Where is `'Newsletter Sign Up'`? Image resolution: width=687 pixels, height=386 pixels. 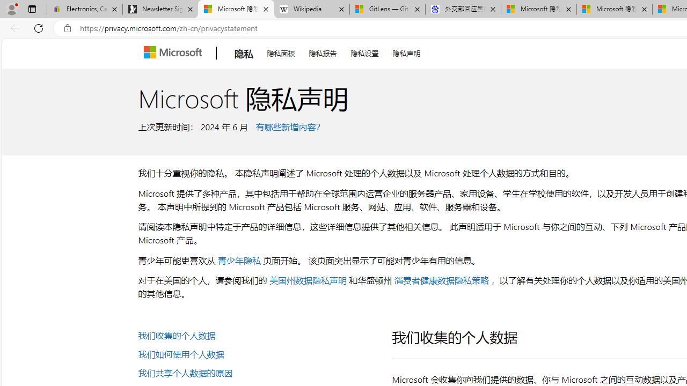
'Newsletter Sign Up' is located at coordinates (159, 9).